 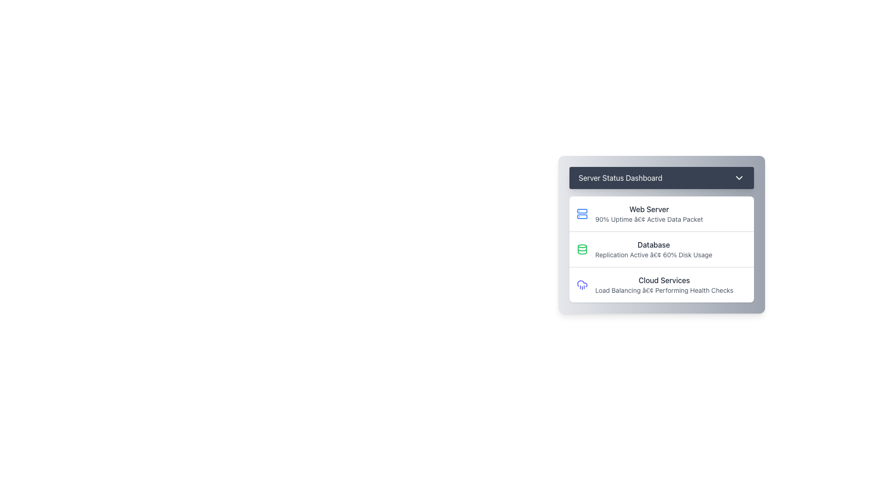 What do you see at coordinates (582, 250) in the screenshot?
I see `the central cylindrical section of the green database icon in the Server Status Dashboard, which indicates 'Database Replication Active • 60% Disk Usage'` at bounding box center [582, 250].